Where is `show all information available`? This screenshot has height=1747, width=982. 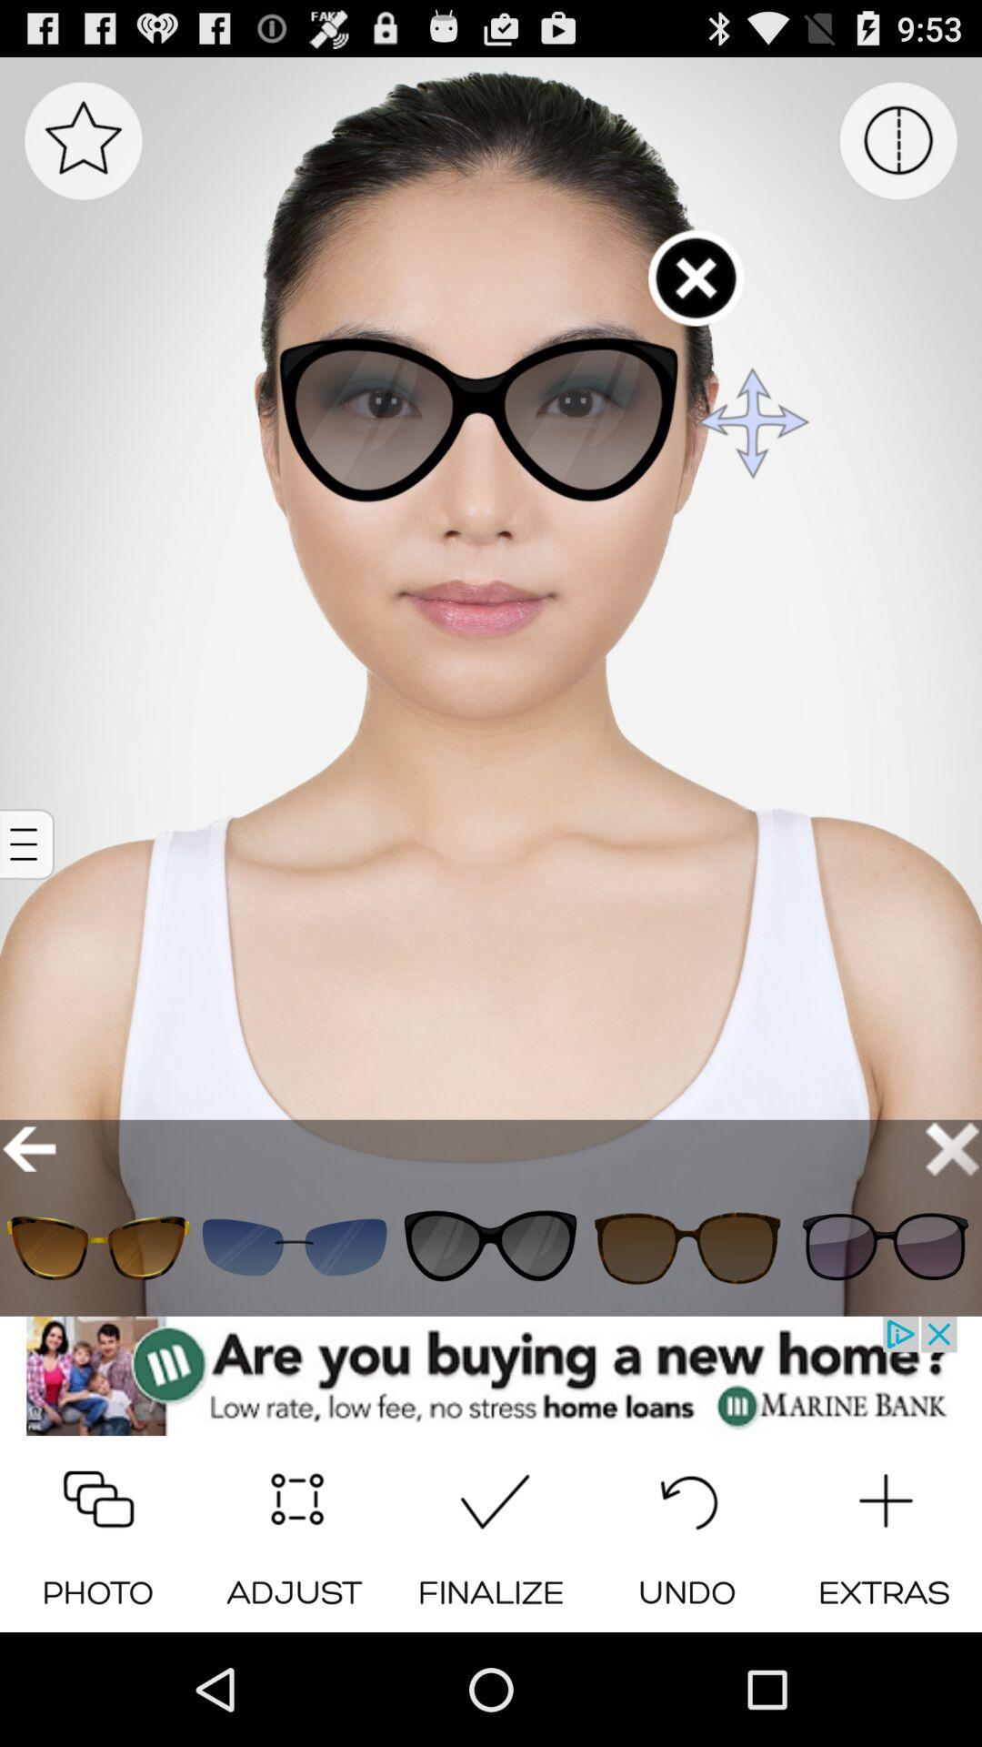
show all information available is located at coordinates (29, 843).